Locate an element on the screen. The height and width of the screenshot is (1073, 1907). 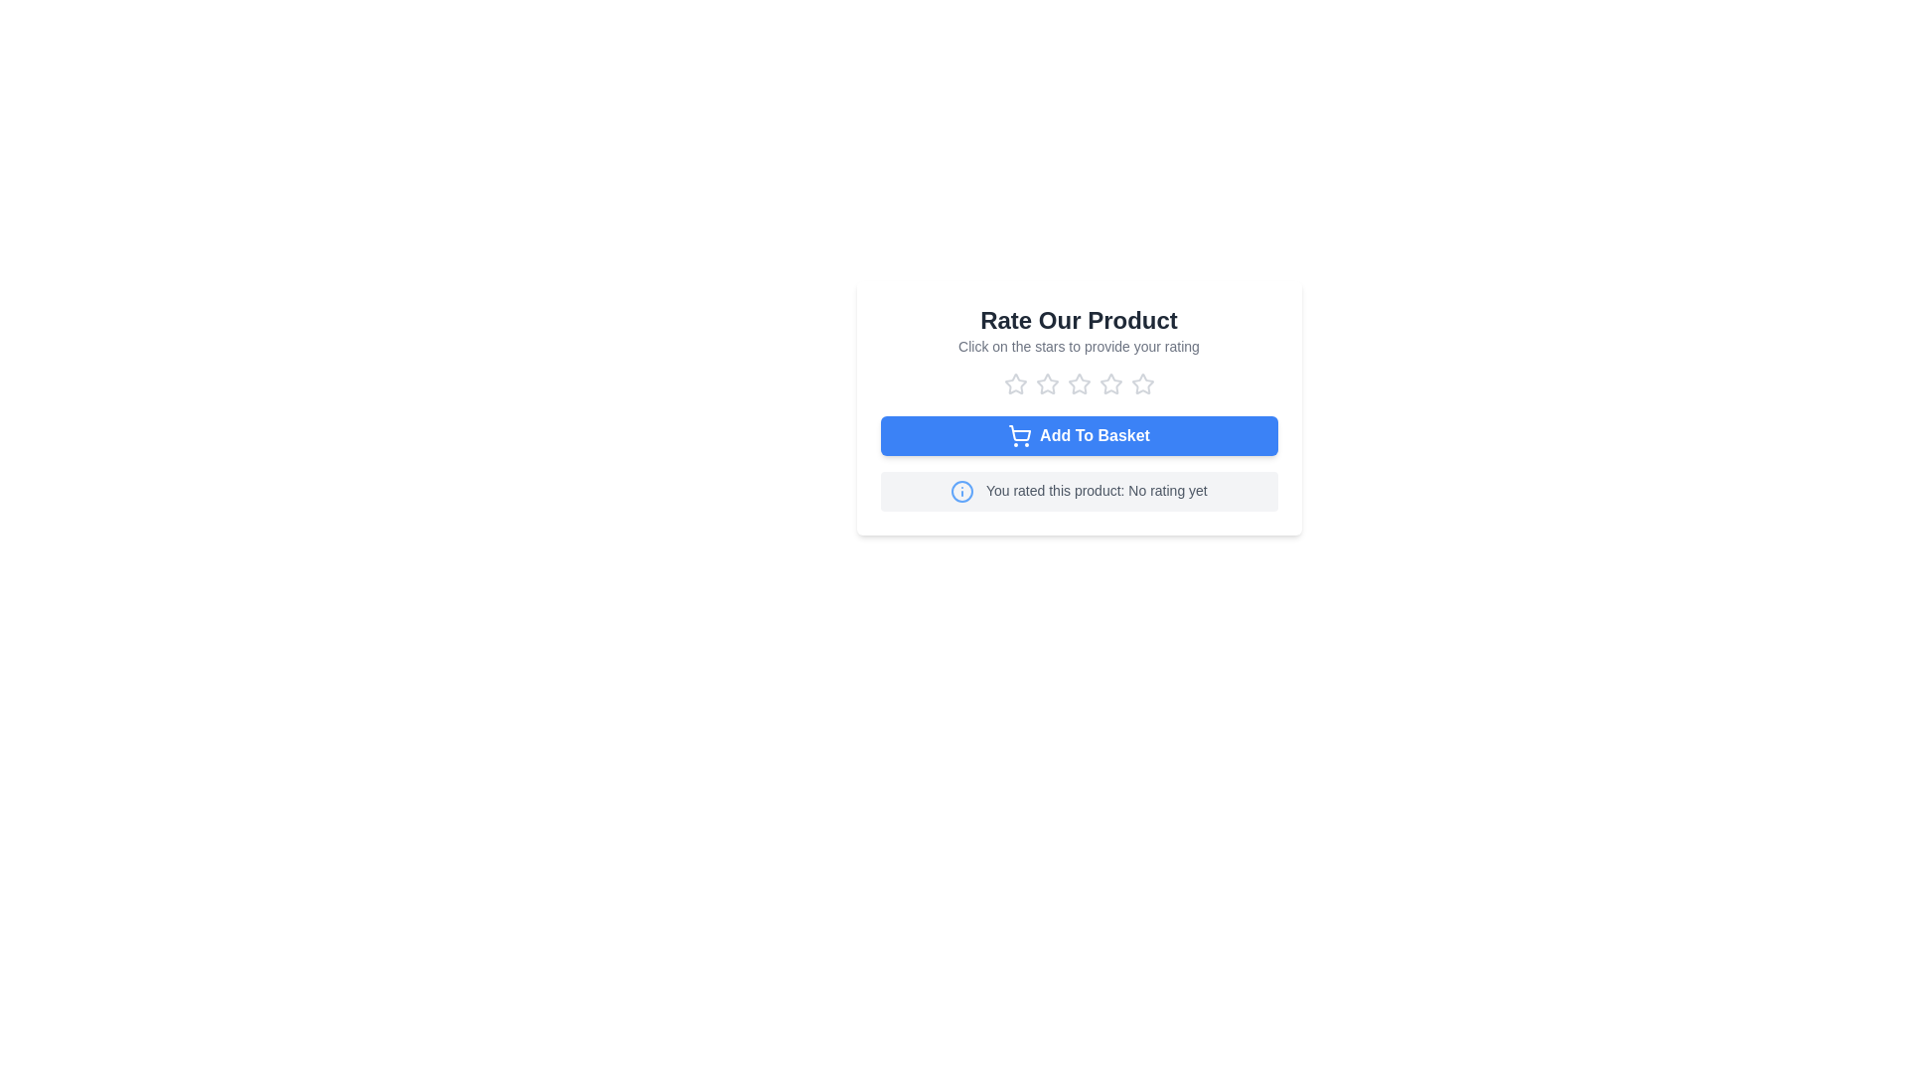
the 'Add to Basket' button located within the 'Rate Our Product' card, which provides feedback on the product's rating status is located at coordinates (1078, 463).